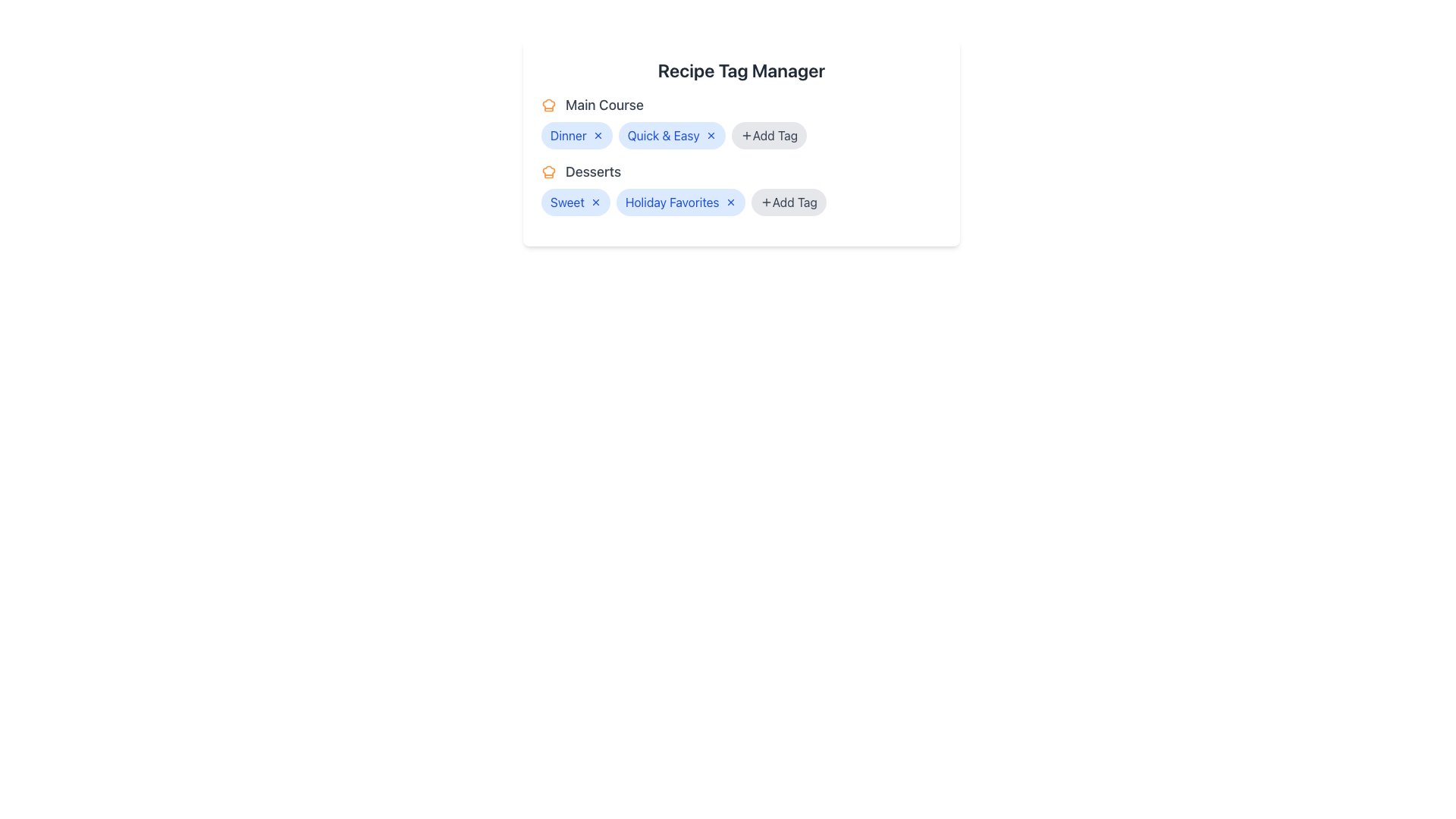  What do you see at coordinates (576, 134) in the screenshot?
I see `the tag labeled 'Dinner' with a light blue fill and an 'x' close icon` at bounding box center [576, 134].